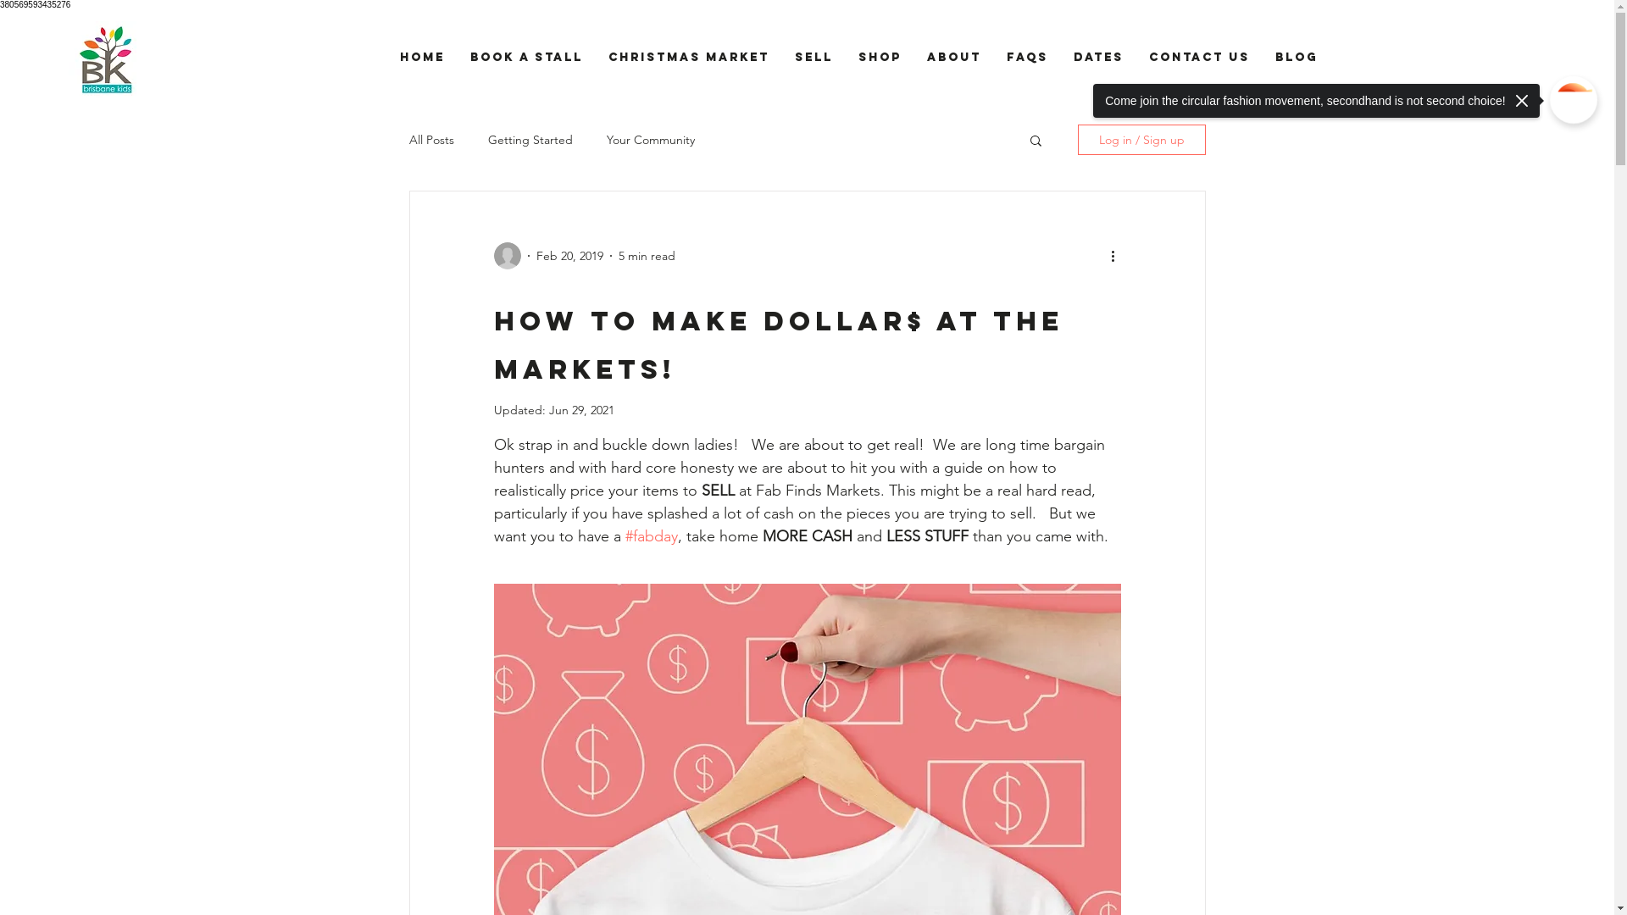 Image resolution: width=1627 pixels, height=915 pixels. I want to click on 'SELL', so click(812, 57).